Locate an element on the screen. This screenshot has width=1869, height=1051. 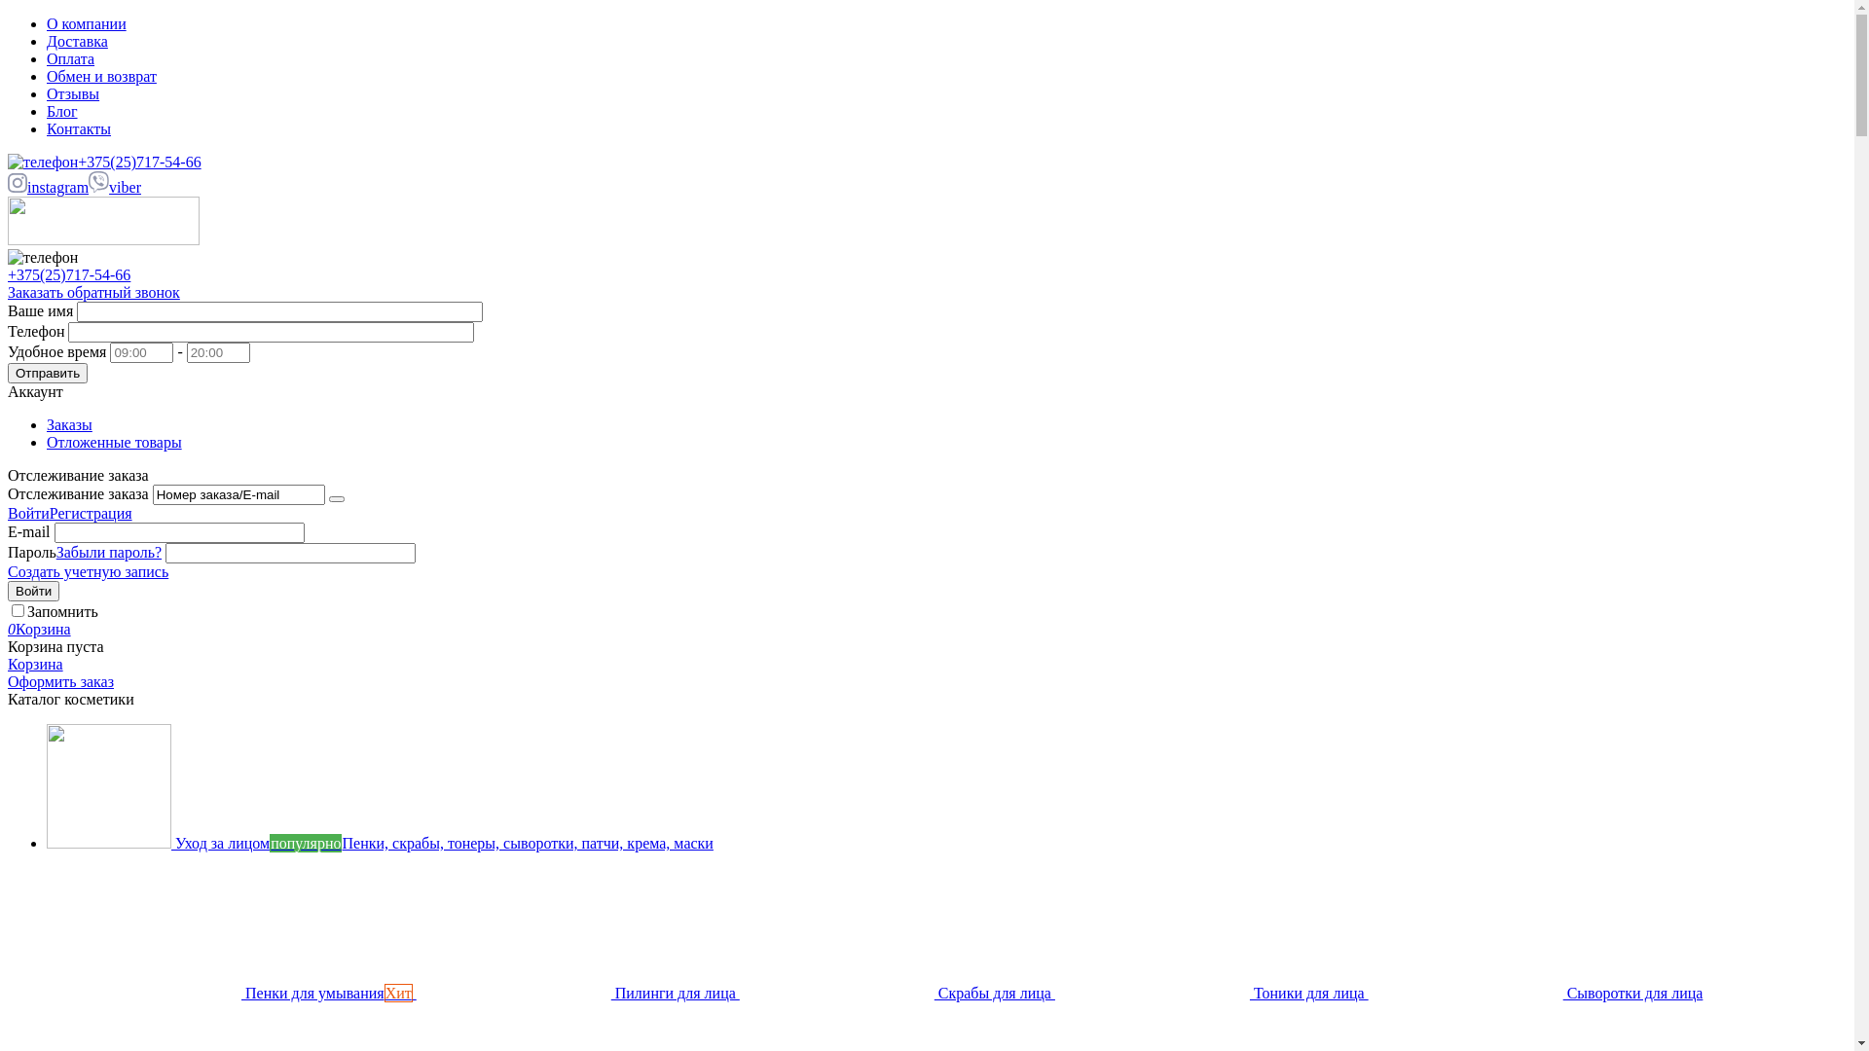
'aloespace.by' is located at coordinates (102, 238).